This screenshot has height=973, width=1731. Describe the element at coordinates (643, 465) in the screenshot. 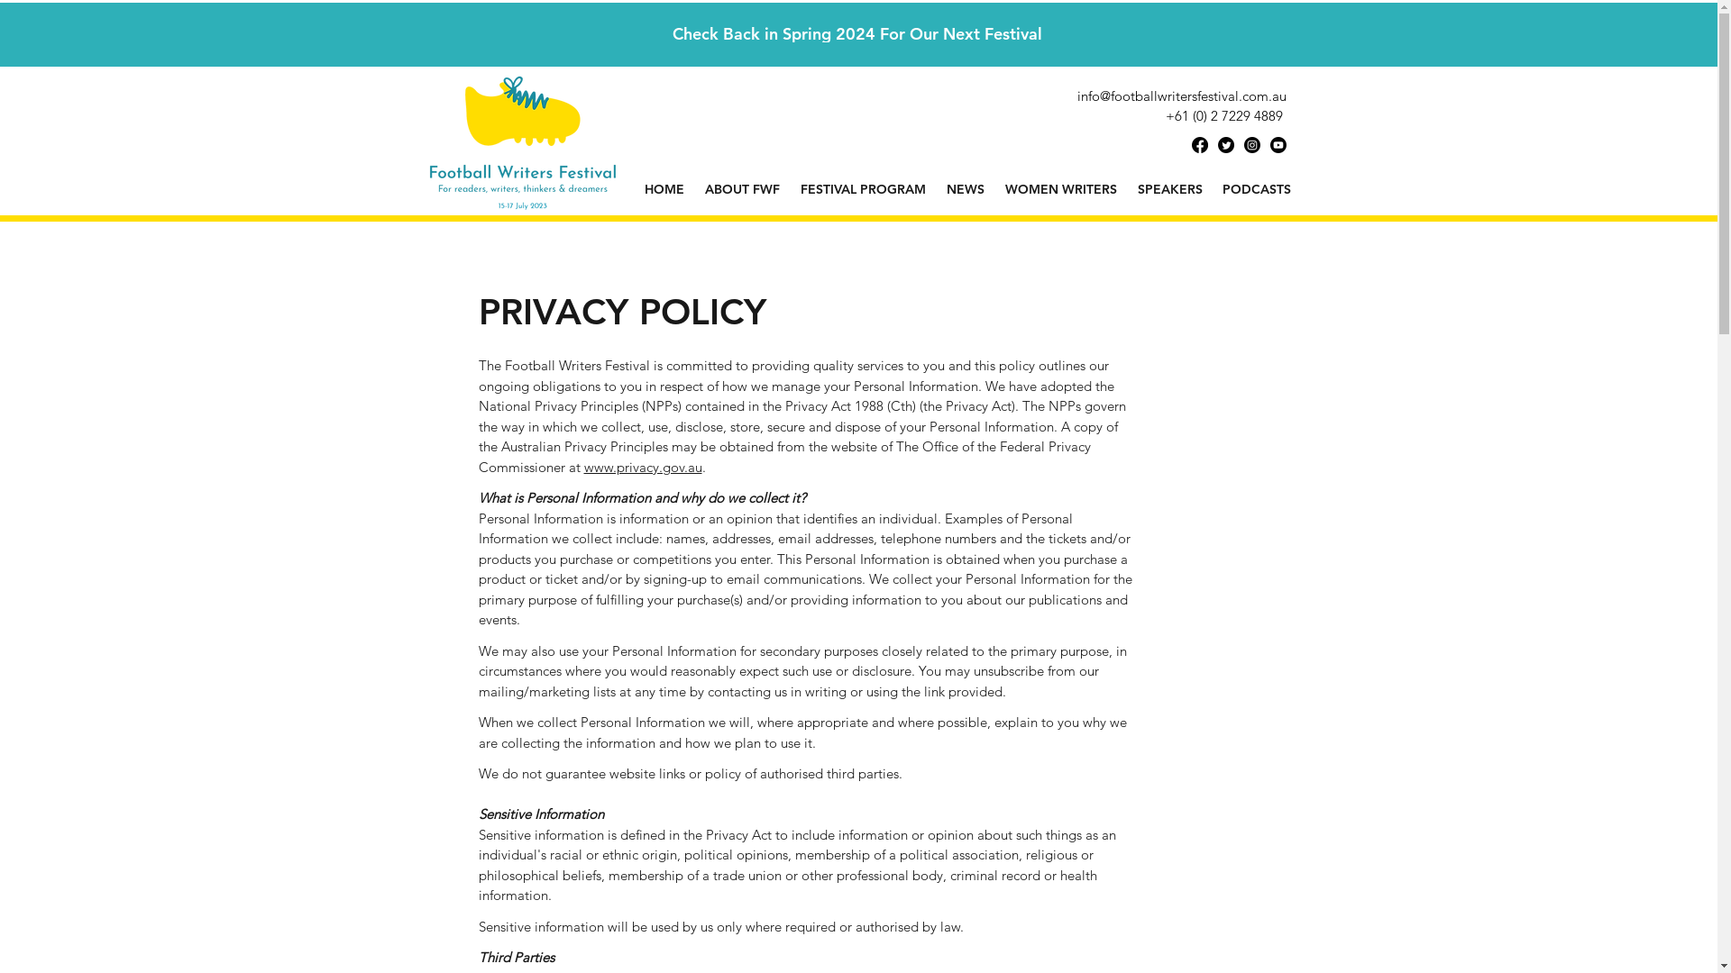

I see `'www.privacy.gov.au'` at that location.